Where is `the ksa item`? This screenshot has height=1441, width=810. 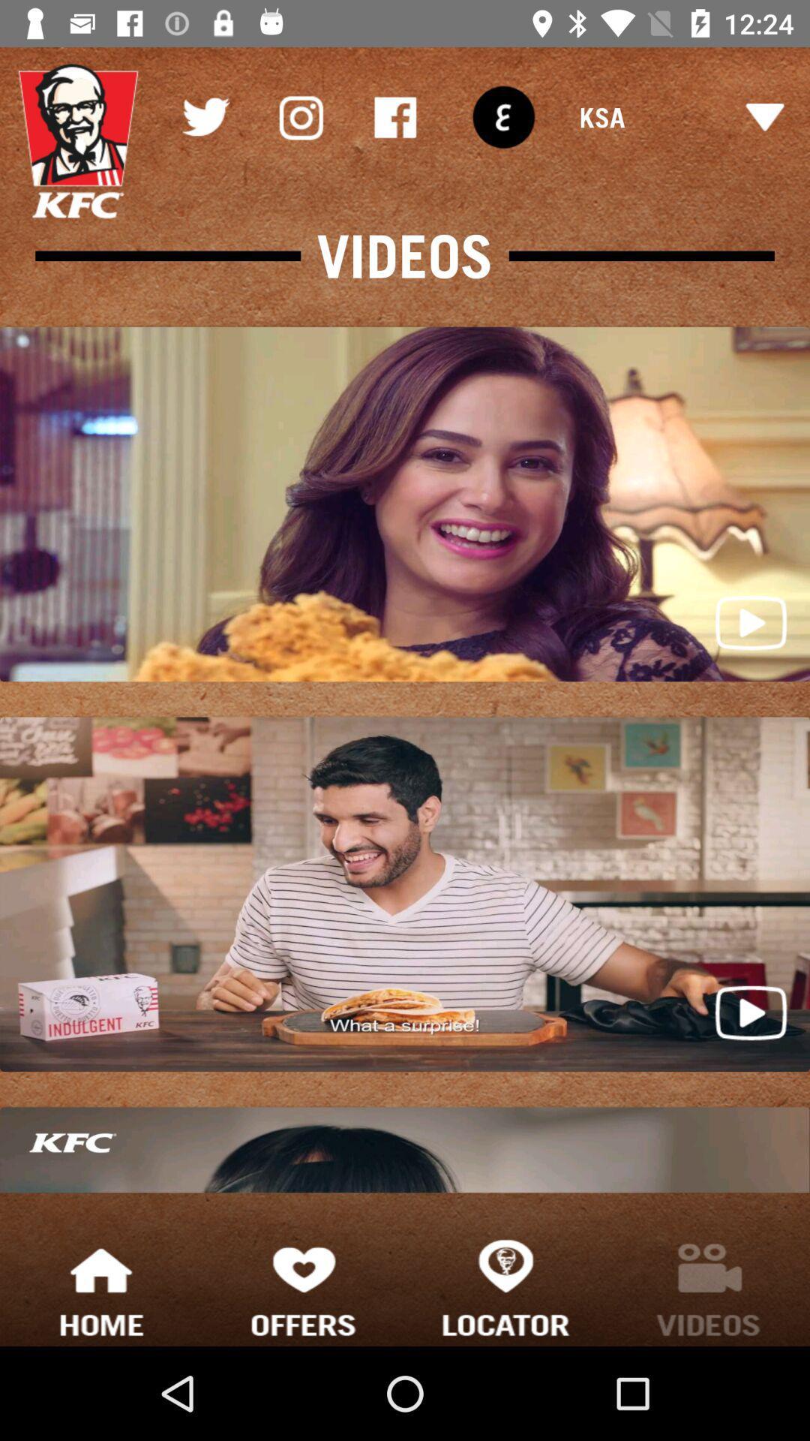
the ksa item is located at coordinates (682, 116).